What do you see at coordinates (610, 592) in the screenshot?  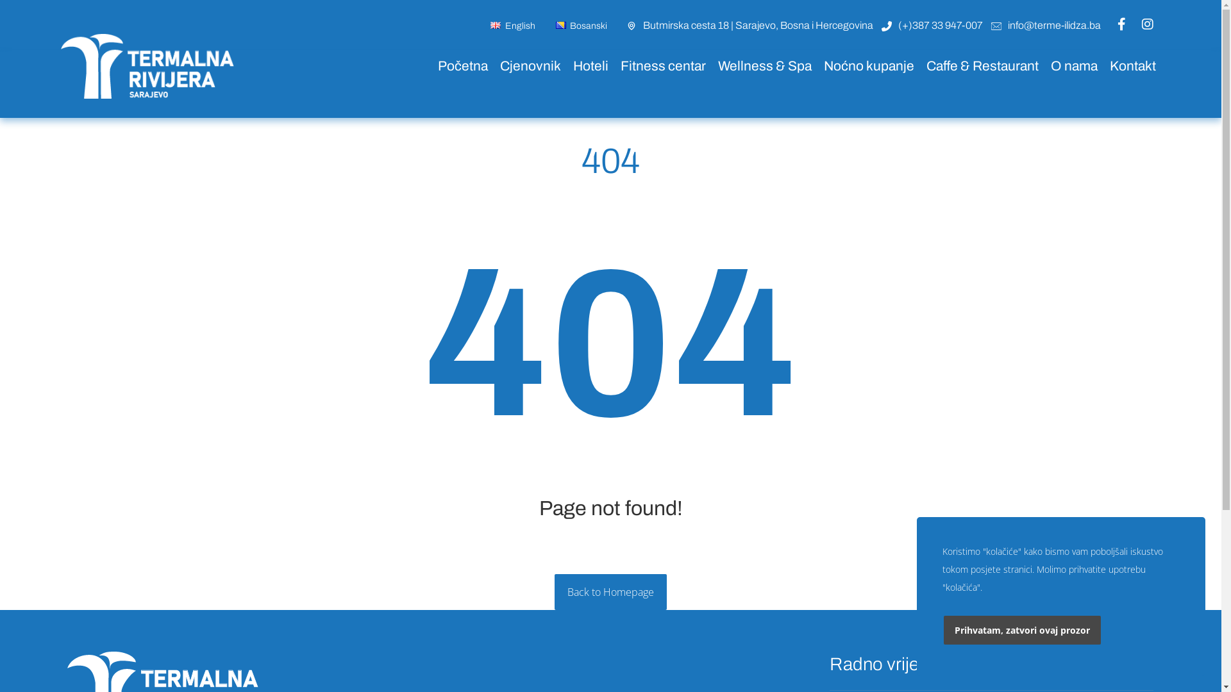 I see `'Back to Homepage'` at bounding box center [610, 592].